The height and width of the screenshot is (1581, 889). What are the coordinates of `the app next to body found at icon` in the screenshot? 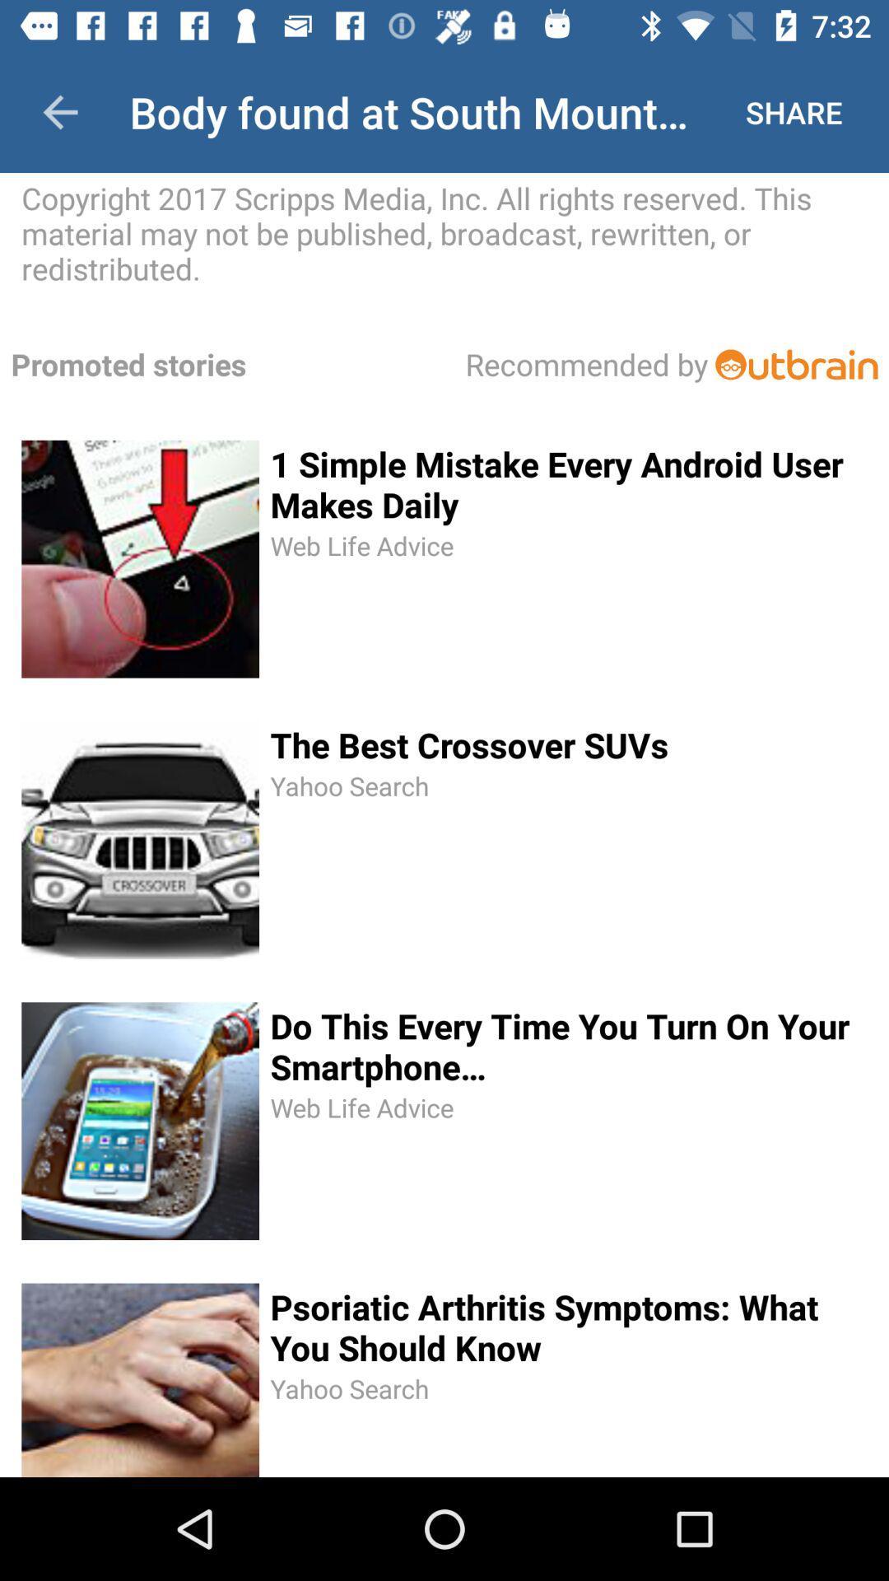 It's located at (59, 111).